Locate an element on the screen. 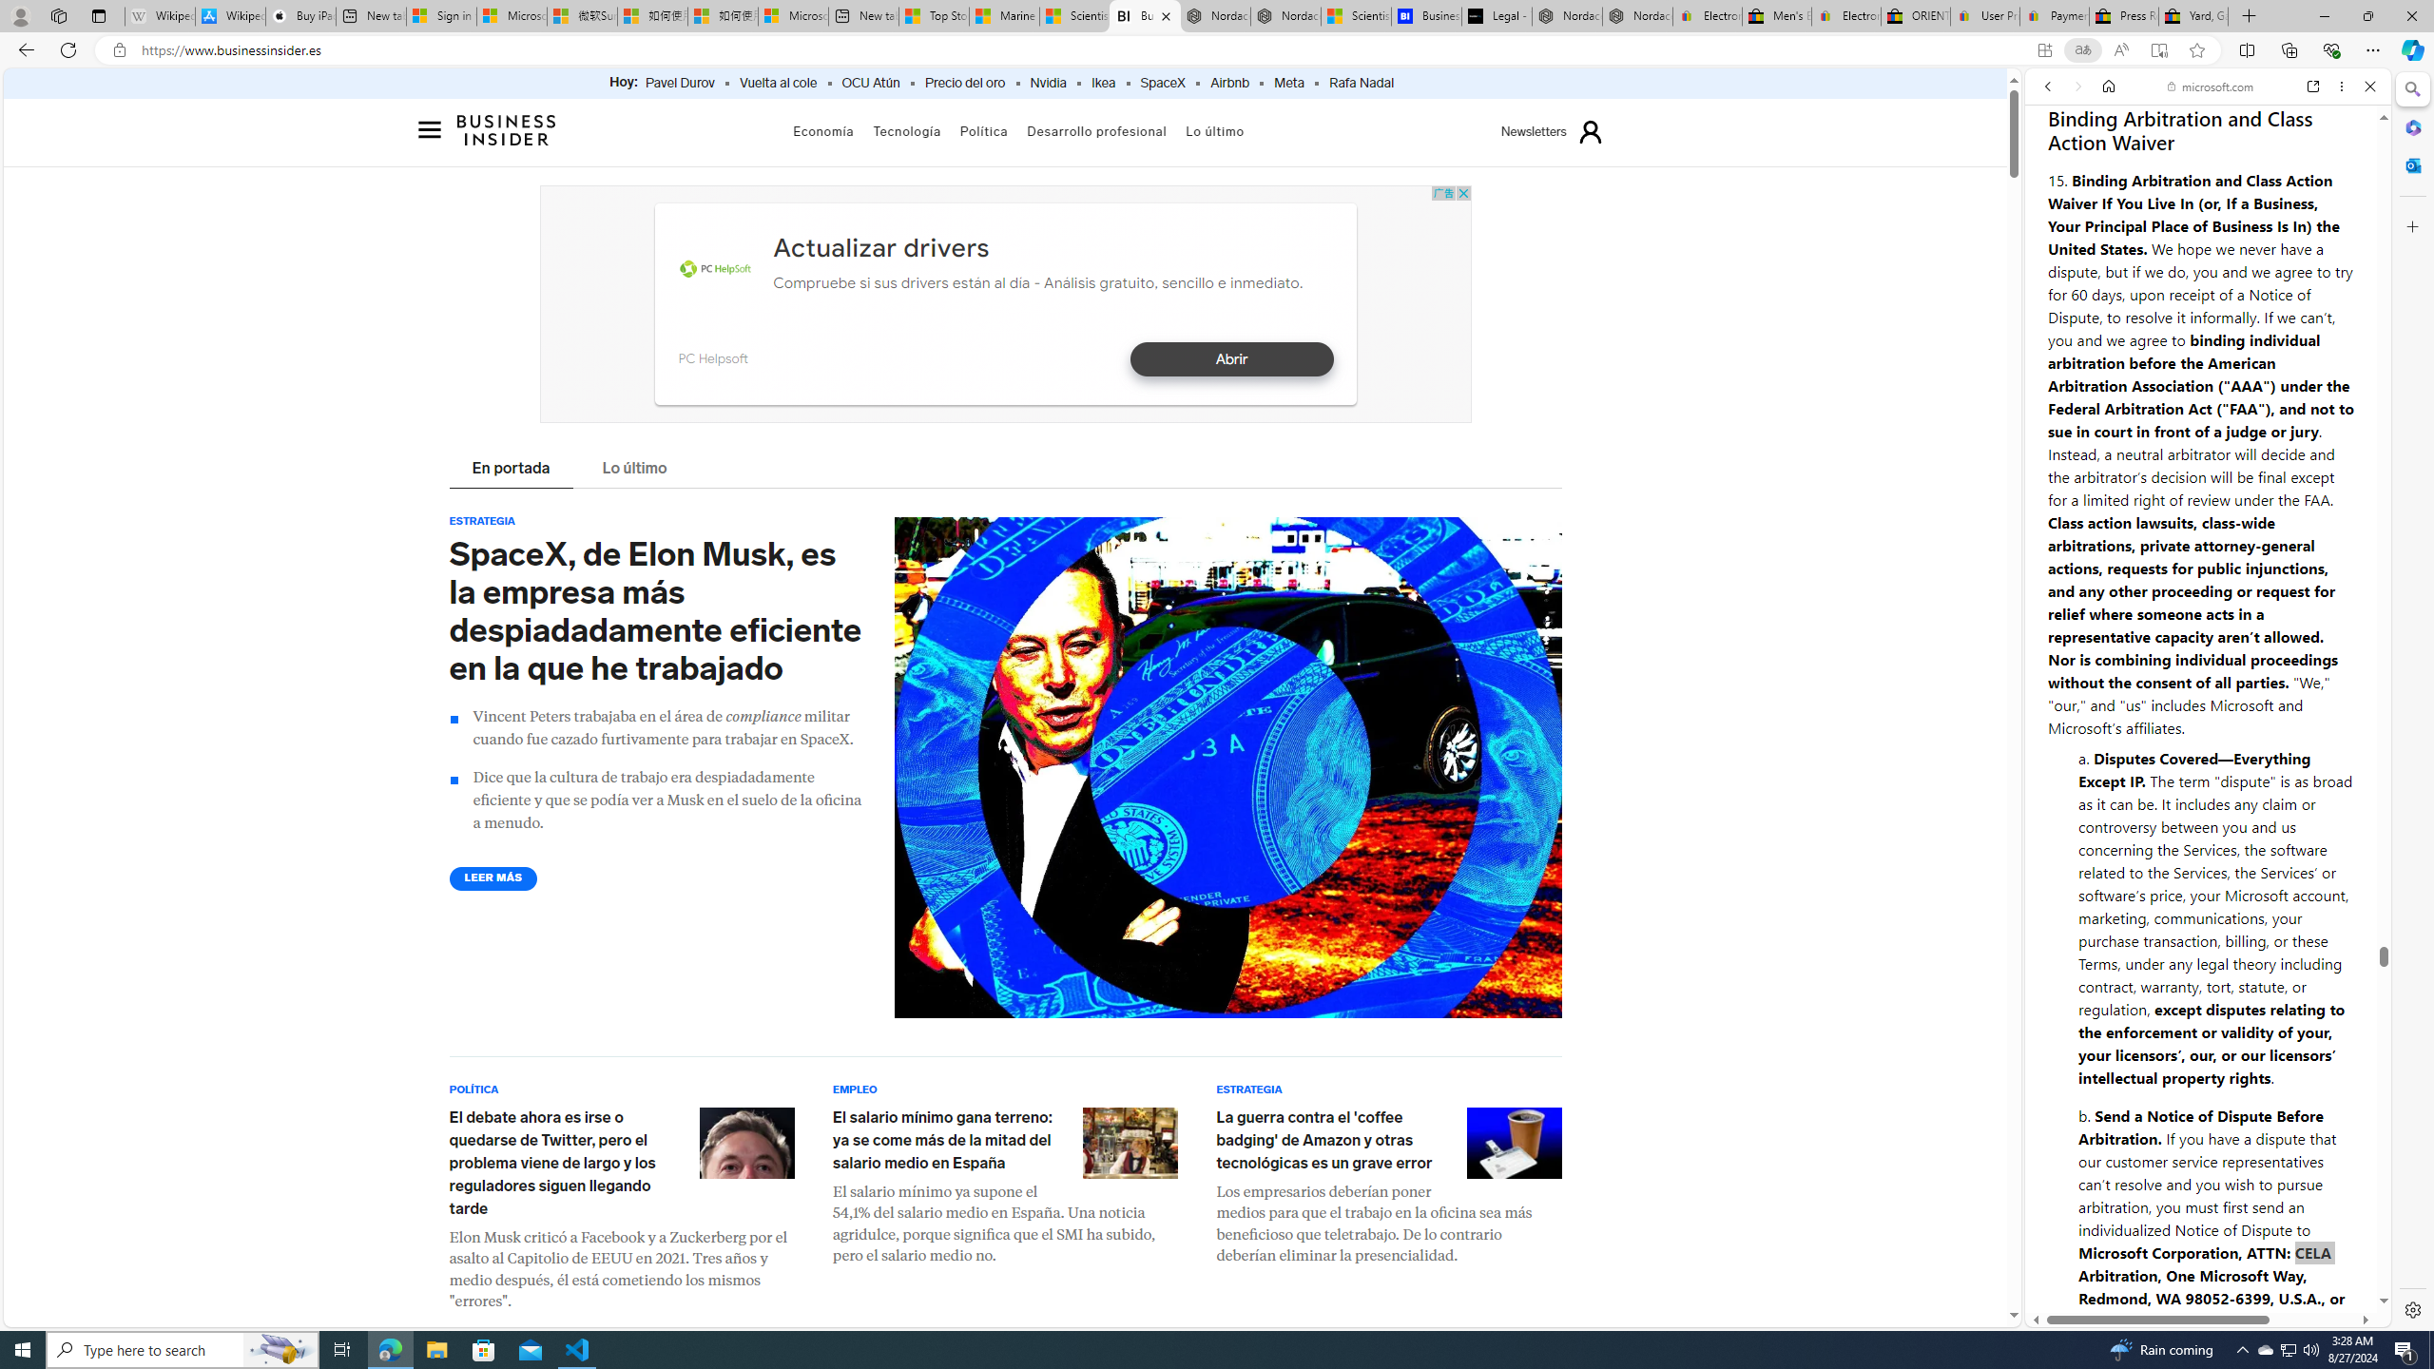 The width and height of the screenshot is (2434, 1369). 'User Privacy Notice | eBay' is located at coordinates (1984, 15).